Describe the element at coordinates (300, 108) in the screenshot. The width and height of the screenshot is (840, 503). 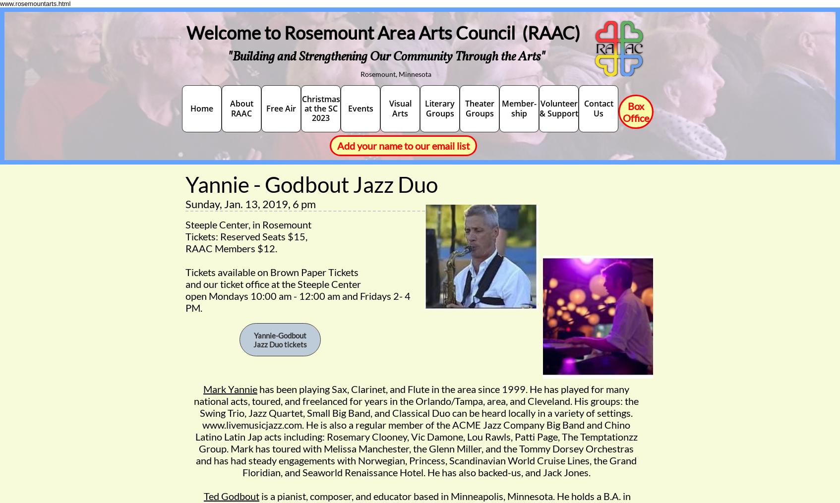
I see `'Christmas at the SC 2023'` at that location.